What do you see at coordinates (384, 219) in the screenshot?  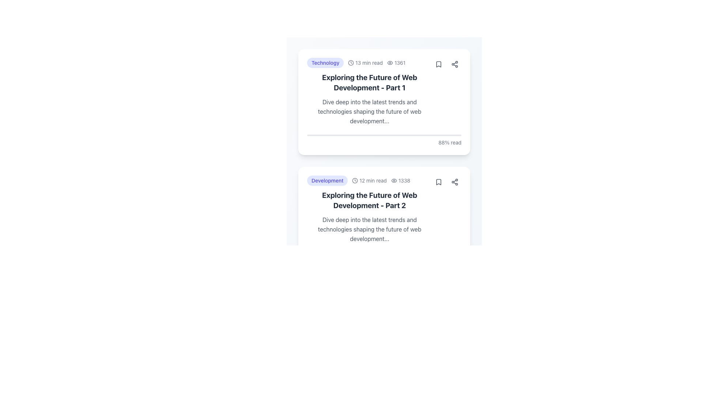 I see `the second card component` at bounding box center [384, 219].